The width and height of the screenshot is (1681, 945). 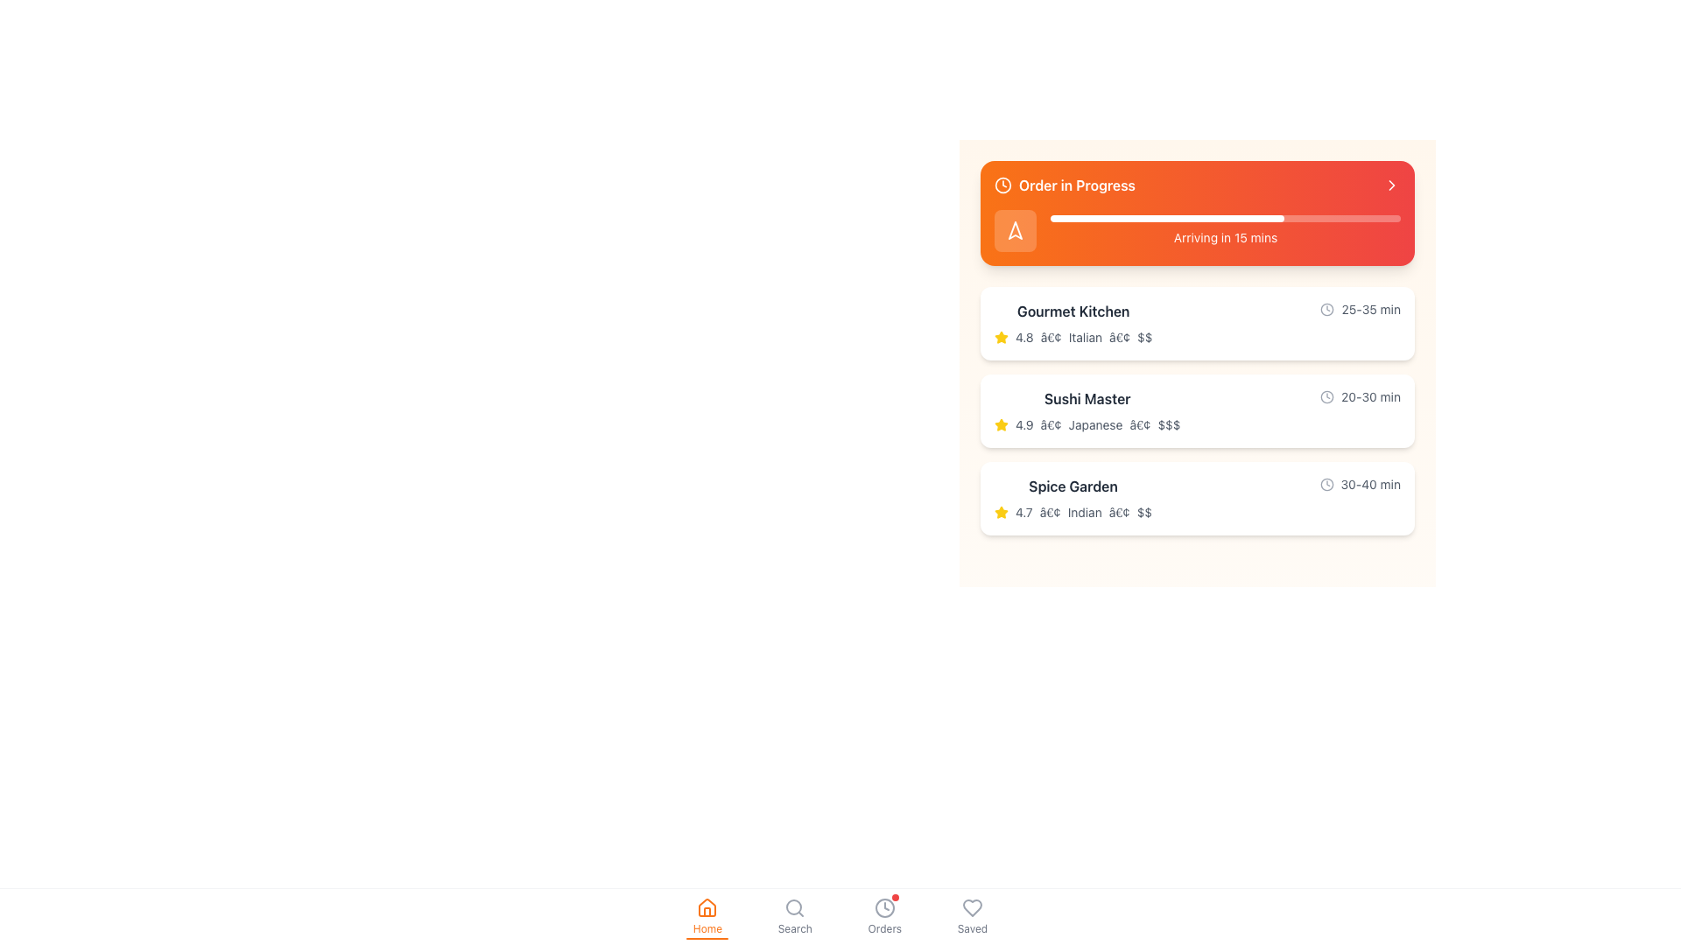 I want to click on the star icon representing a high rating for 'Sushi Master', so click(x=1001, y=425).